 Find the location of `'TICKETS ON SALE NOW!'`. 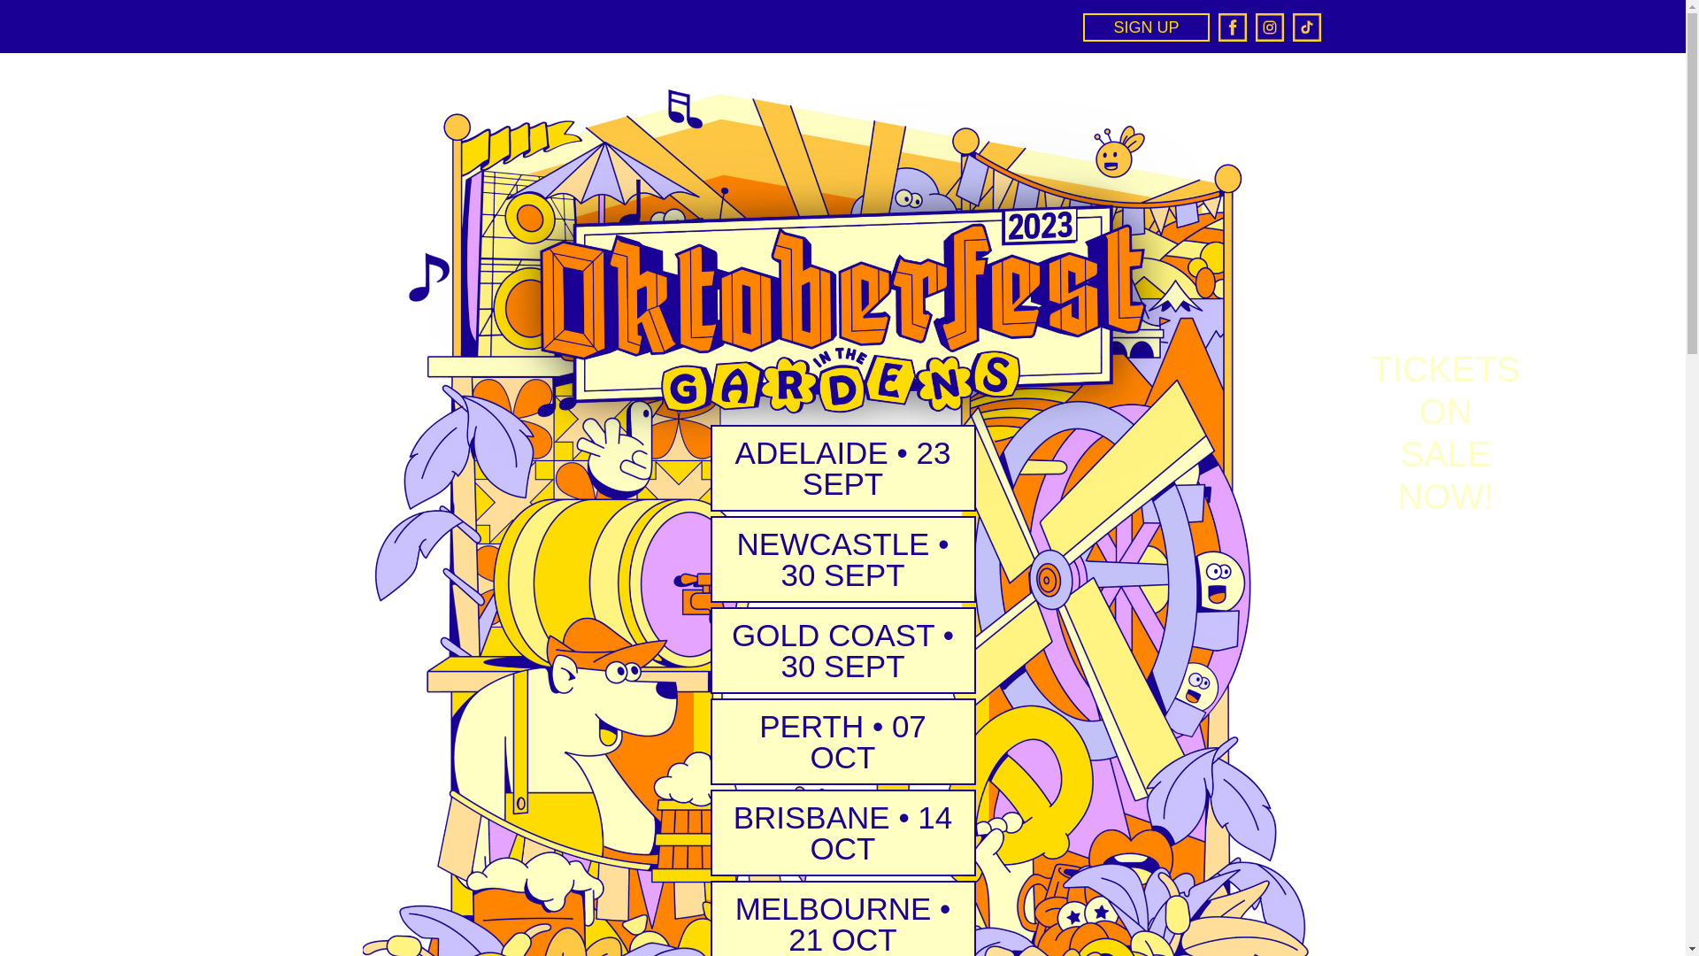

'TICKETS ON SALE NOW!' is located at coordinates (1445, 433).